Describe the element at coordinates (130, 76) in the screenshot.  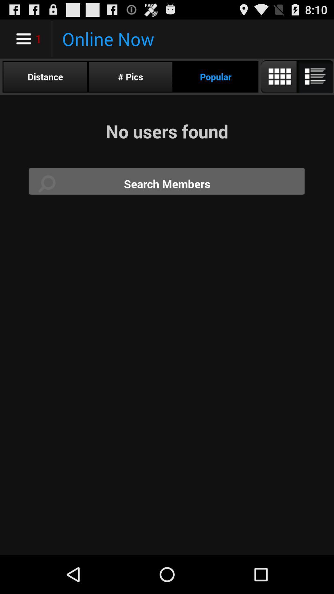
I see `the radio button to the left of the popular` at that location.